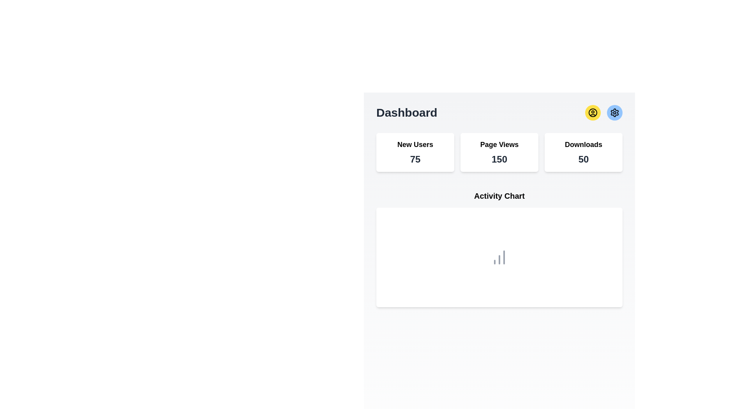 This screenshot has width=748, height=420. What do you see at coordinates (415, 159) in the screenshot?
I see `the large, bold number '75' displayed in dark gray, which is part of the statistical card component below the label 'New Users'` at bounding box center [415, 159].